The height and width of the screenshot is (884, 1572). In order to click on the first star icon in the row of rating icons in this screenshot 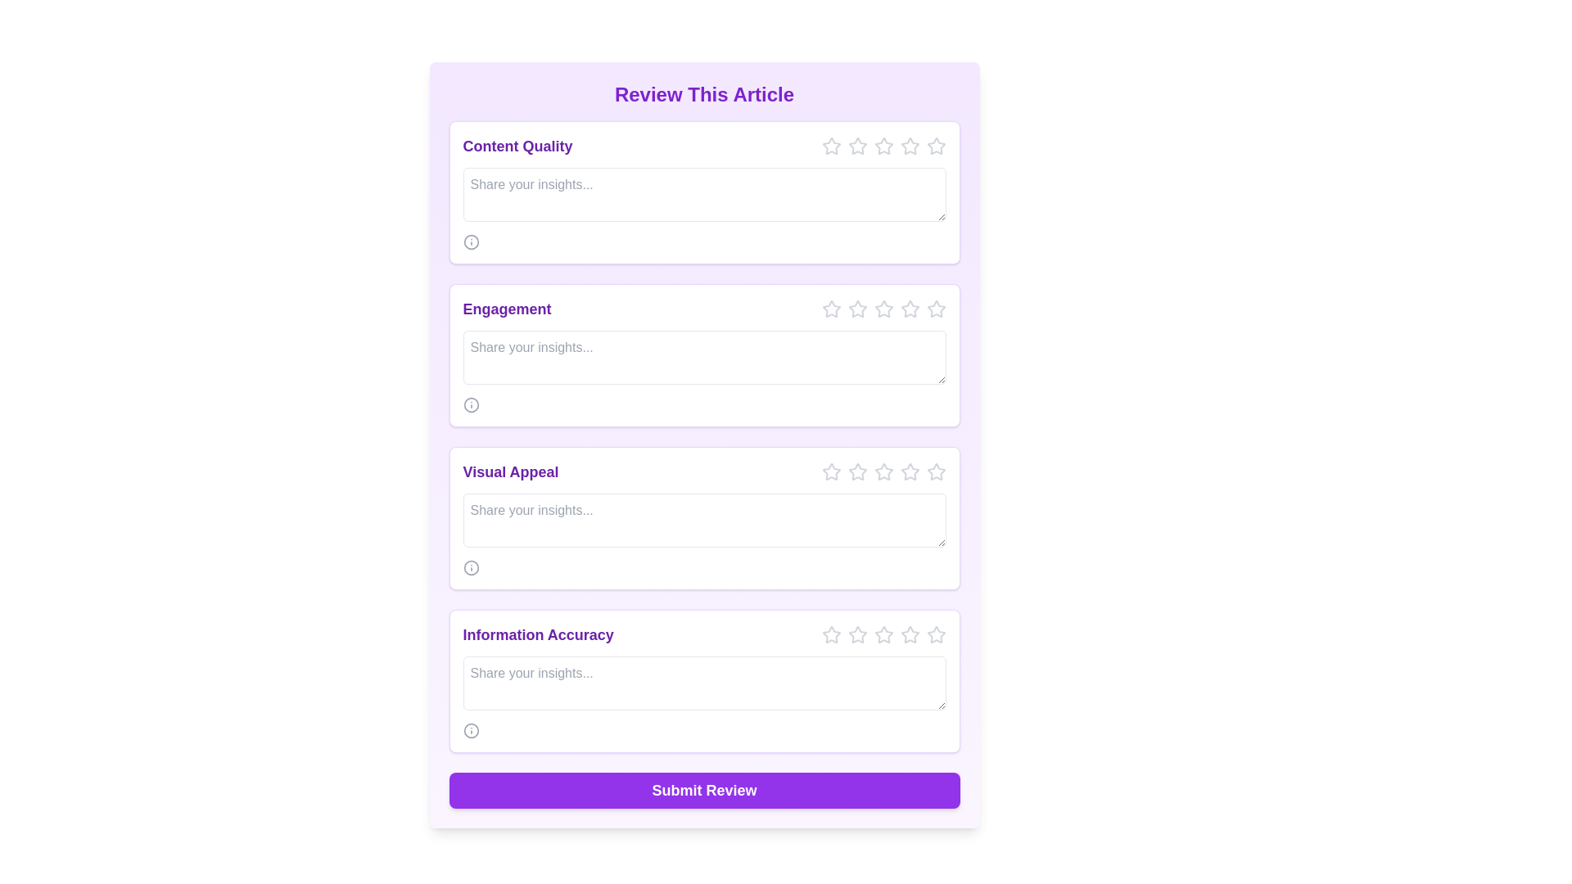, I will do `click(830, 471)`.